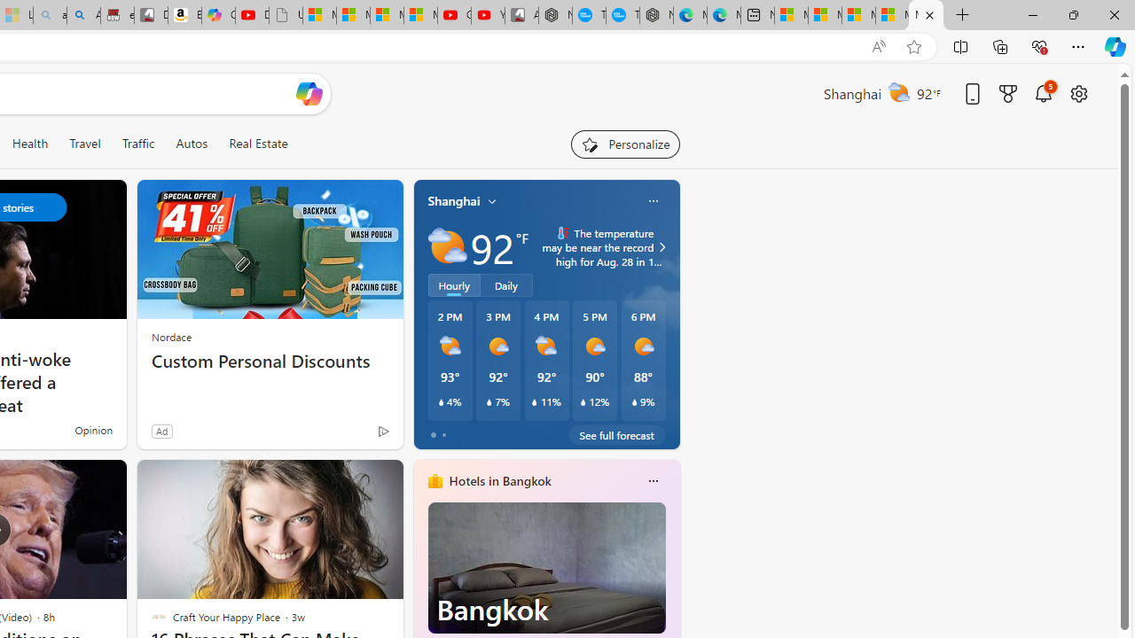 The image size is (1135, 638). Describe the element at coordinates (30, 143) in the screenshot. I see `'Health'` at that location.